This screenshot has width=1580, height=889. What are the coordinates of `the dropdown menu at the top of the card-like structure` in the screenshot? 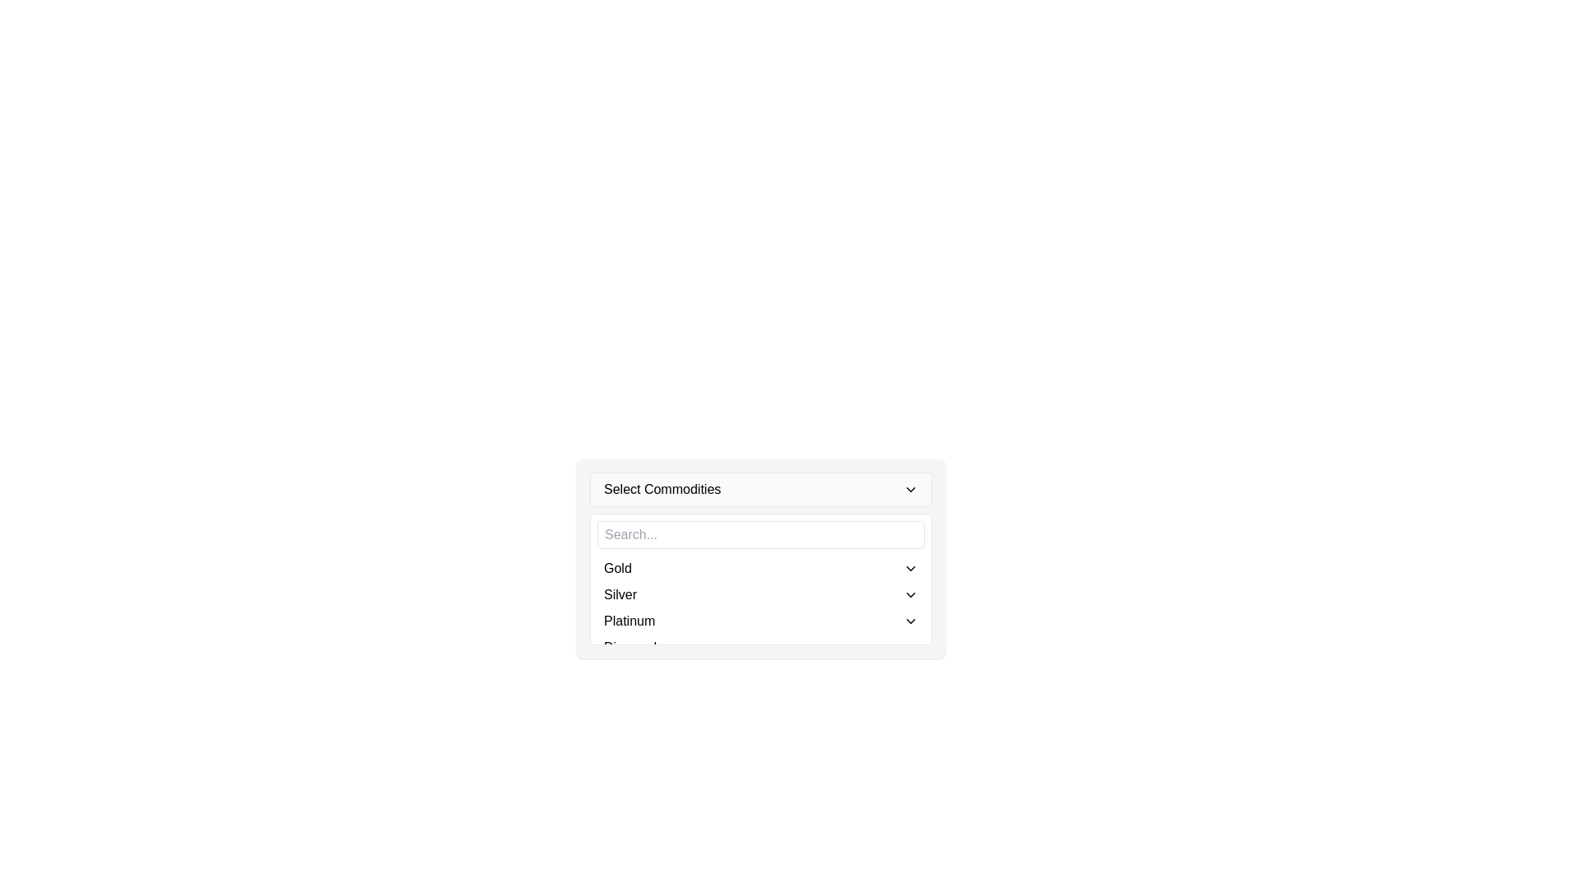 It's located at (760, 488).